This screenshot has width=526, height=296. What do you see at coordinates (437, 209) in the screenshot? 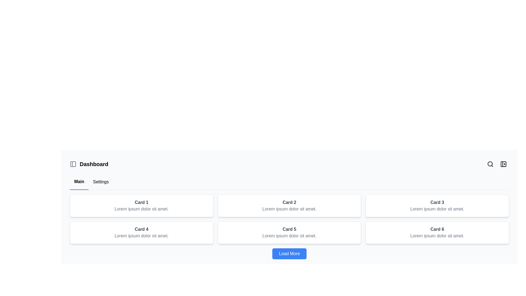
I see `the text display element that shows 'Lorem ipsum dolor sit amet.' located below the 'Card 3' title in the top right corner of the grid layout` at bounding box center [437, 209].